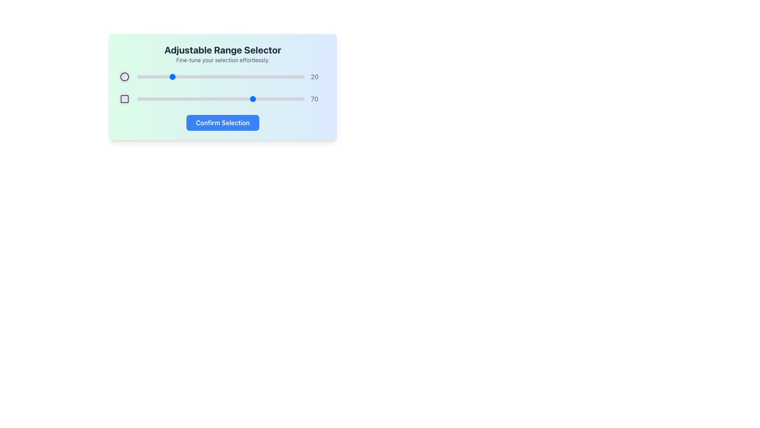  I want to click on slider, so click(198, 76).